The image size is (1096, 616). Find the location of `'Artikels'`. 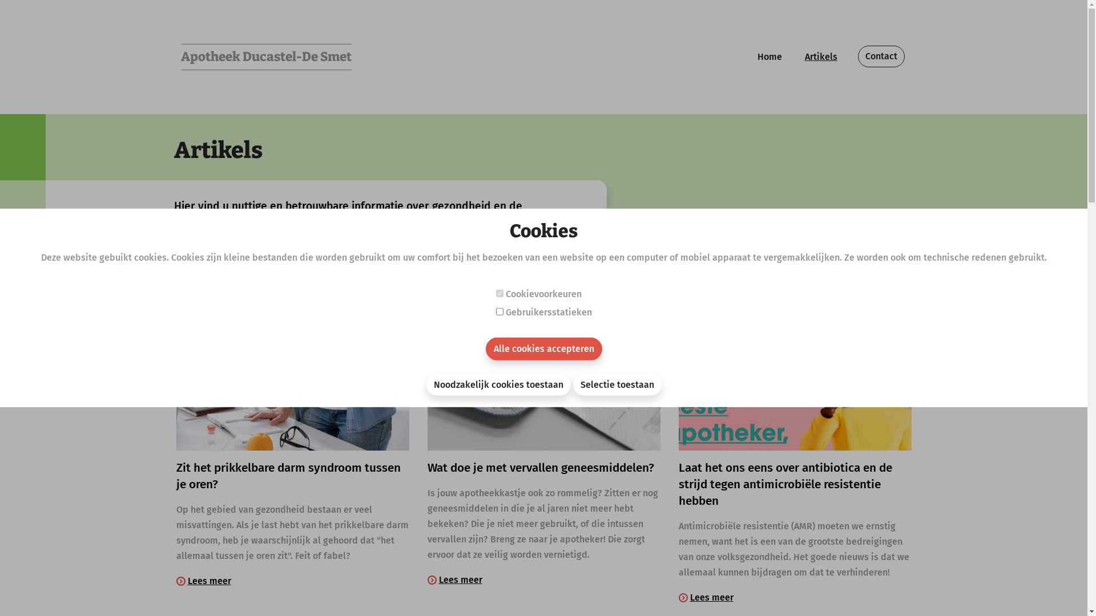

'Artikels' is located at coordinates (820, 57).